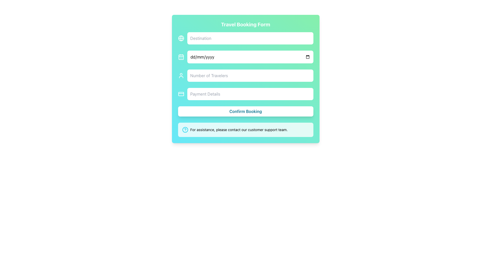  I want to click on the rectangular button labeled 'Confirm Booking' with a white background and blue text, located at the bottom of the 'Travel Booking Form' interface to confirm the booking, so click(245, 111).